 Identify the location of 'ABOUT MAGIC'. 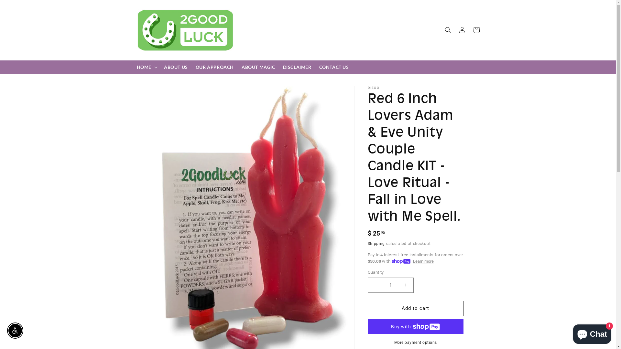
(258, 67).